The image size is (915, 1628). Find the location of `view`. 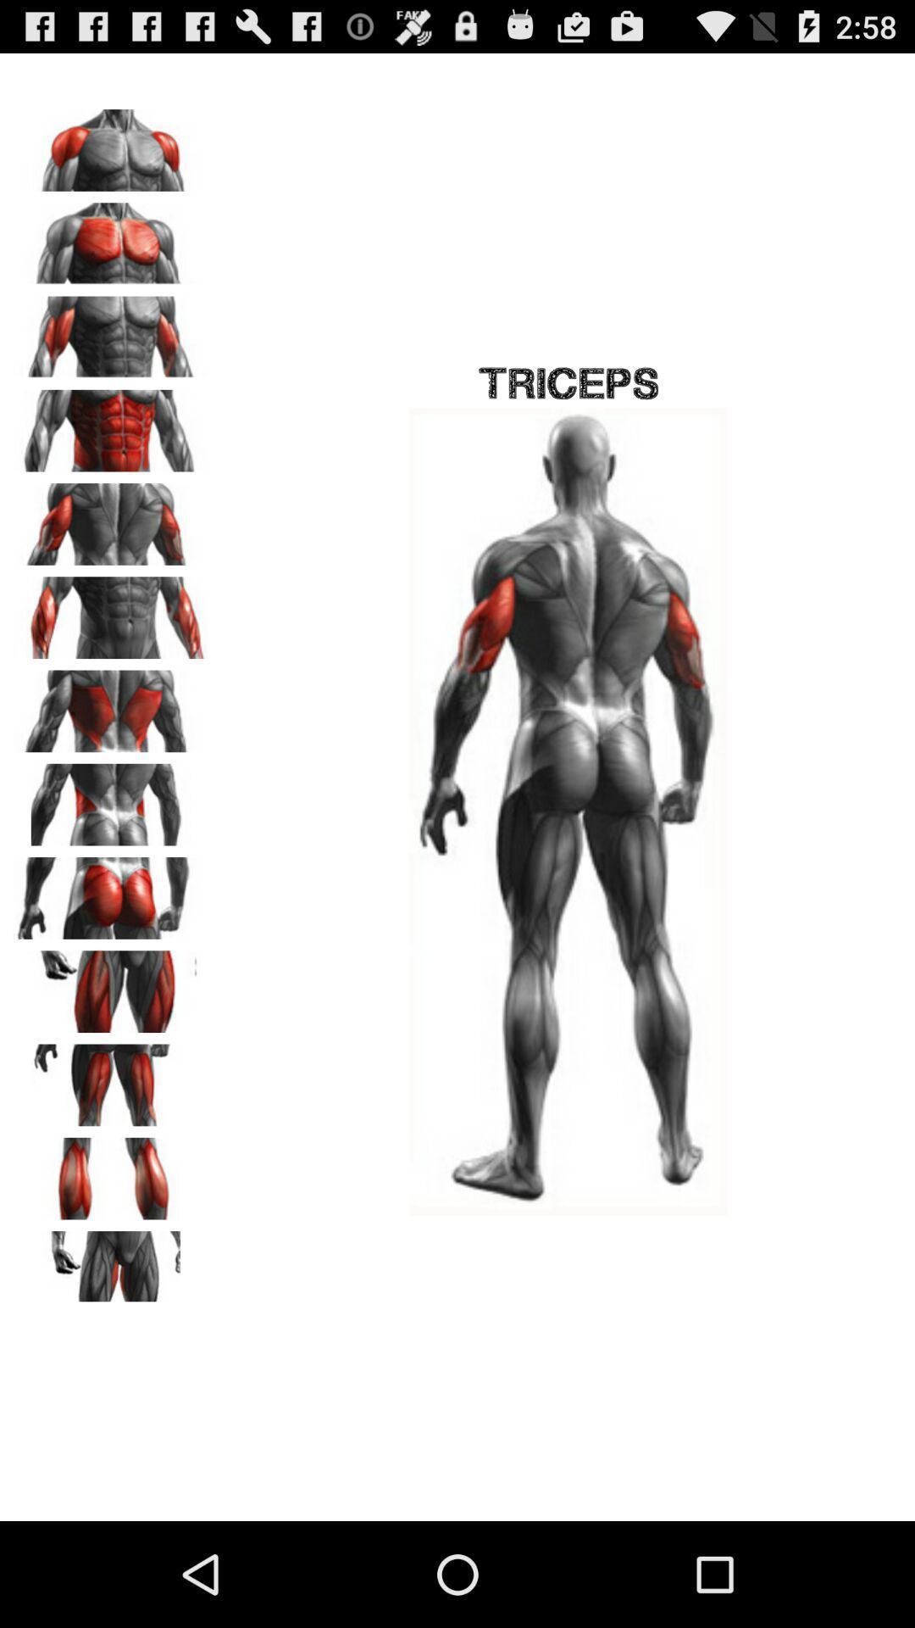

view is located at coordinates (111, 237).